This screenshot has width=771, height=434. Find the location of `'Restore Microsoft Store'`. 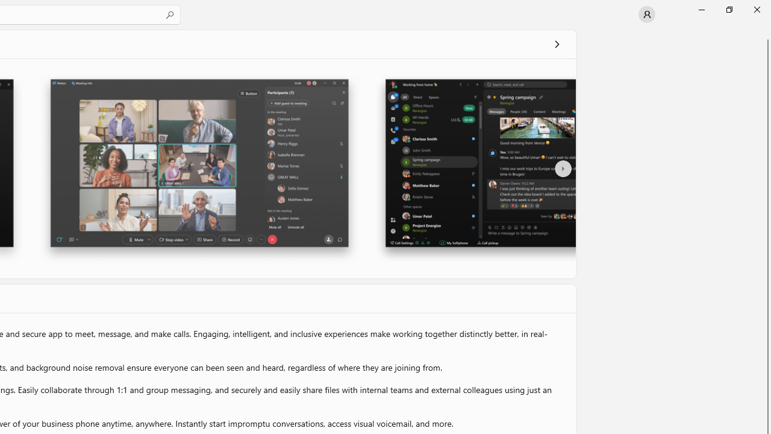

'Restore Microsoft Store' is located at coordinates (728, 9).